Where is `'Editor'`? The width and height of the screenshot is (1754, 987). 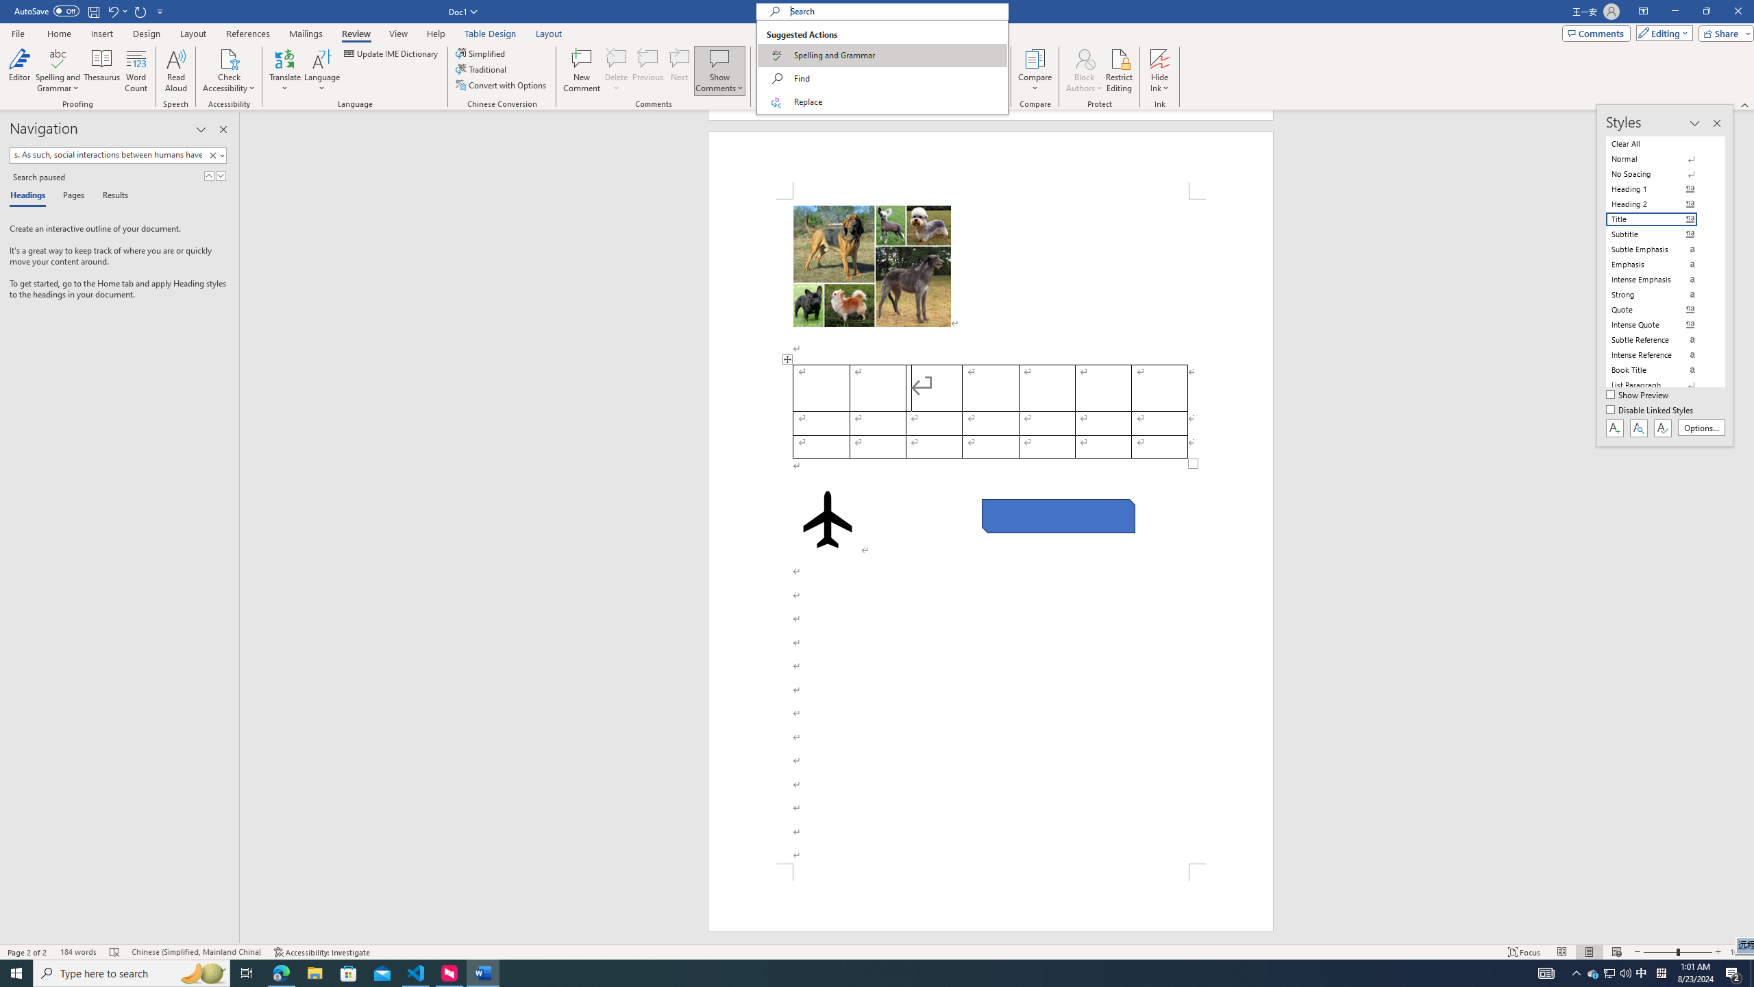
'Editor' is located at coordinates (19, 71).